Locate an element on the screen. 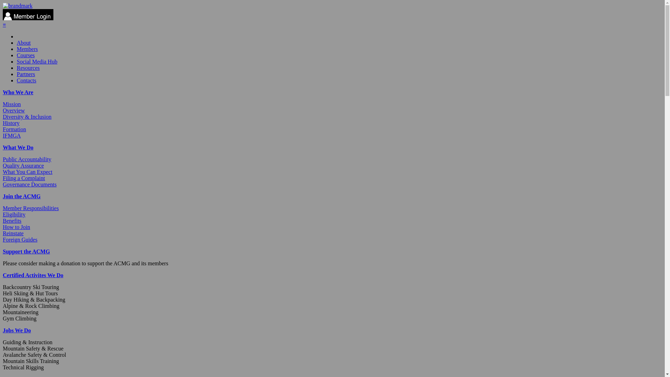  'Courses' is located at coordinates (25, 55).